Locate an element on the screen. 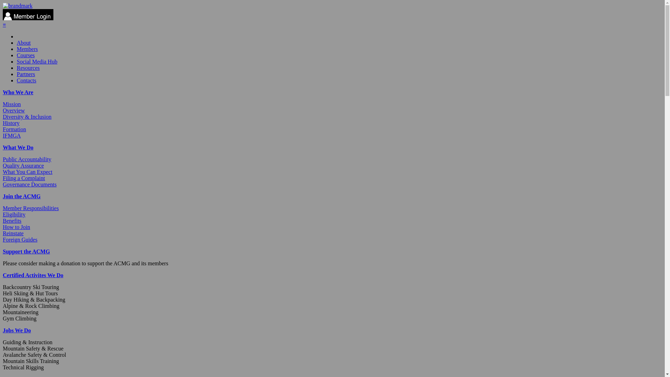  'Courses' is located at coordinates (25, 55).